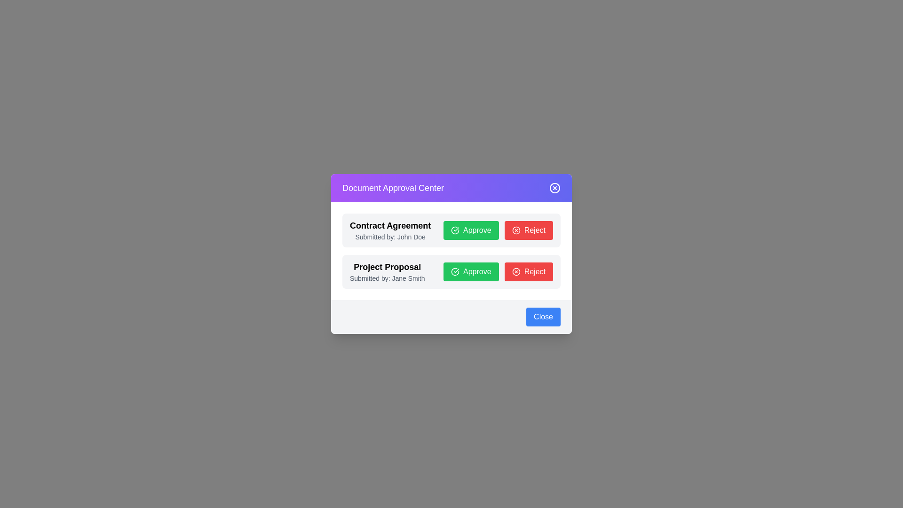 The height and width of the screenshot is (508, 903). What do you see at coordinates (515, 272) in the screenshot?
I see `the circular close button icon located in the top-right corner of the 'Document Approval Center' header, which is part of an SVG graphic` at bounding box center [515, 272].